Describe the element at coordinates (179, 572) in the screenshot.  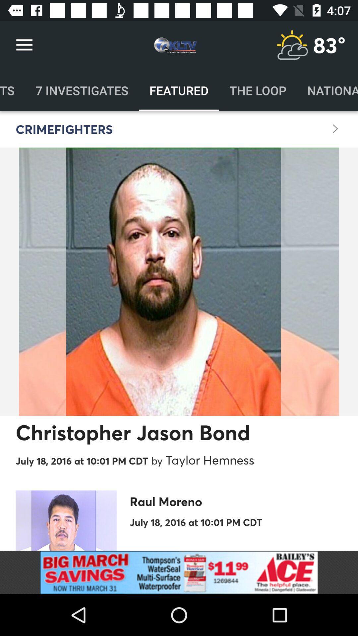
I see `the advertisement` at that location.